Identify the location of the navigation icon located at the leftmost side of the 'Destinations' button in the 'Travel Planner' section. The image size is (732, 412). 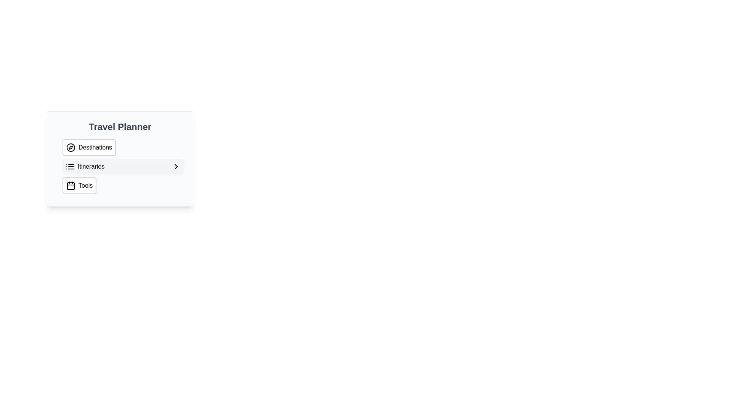
(71, 147).